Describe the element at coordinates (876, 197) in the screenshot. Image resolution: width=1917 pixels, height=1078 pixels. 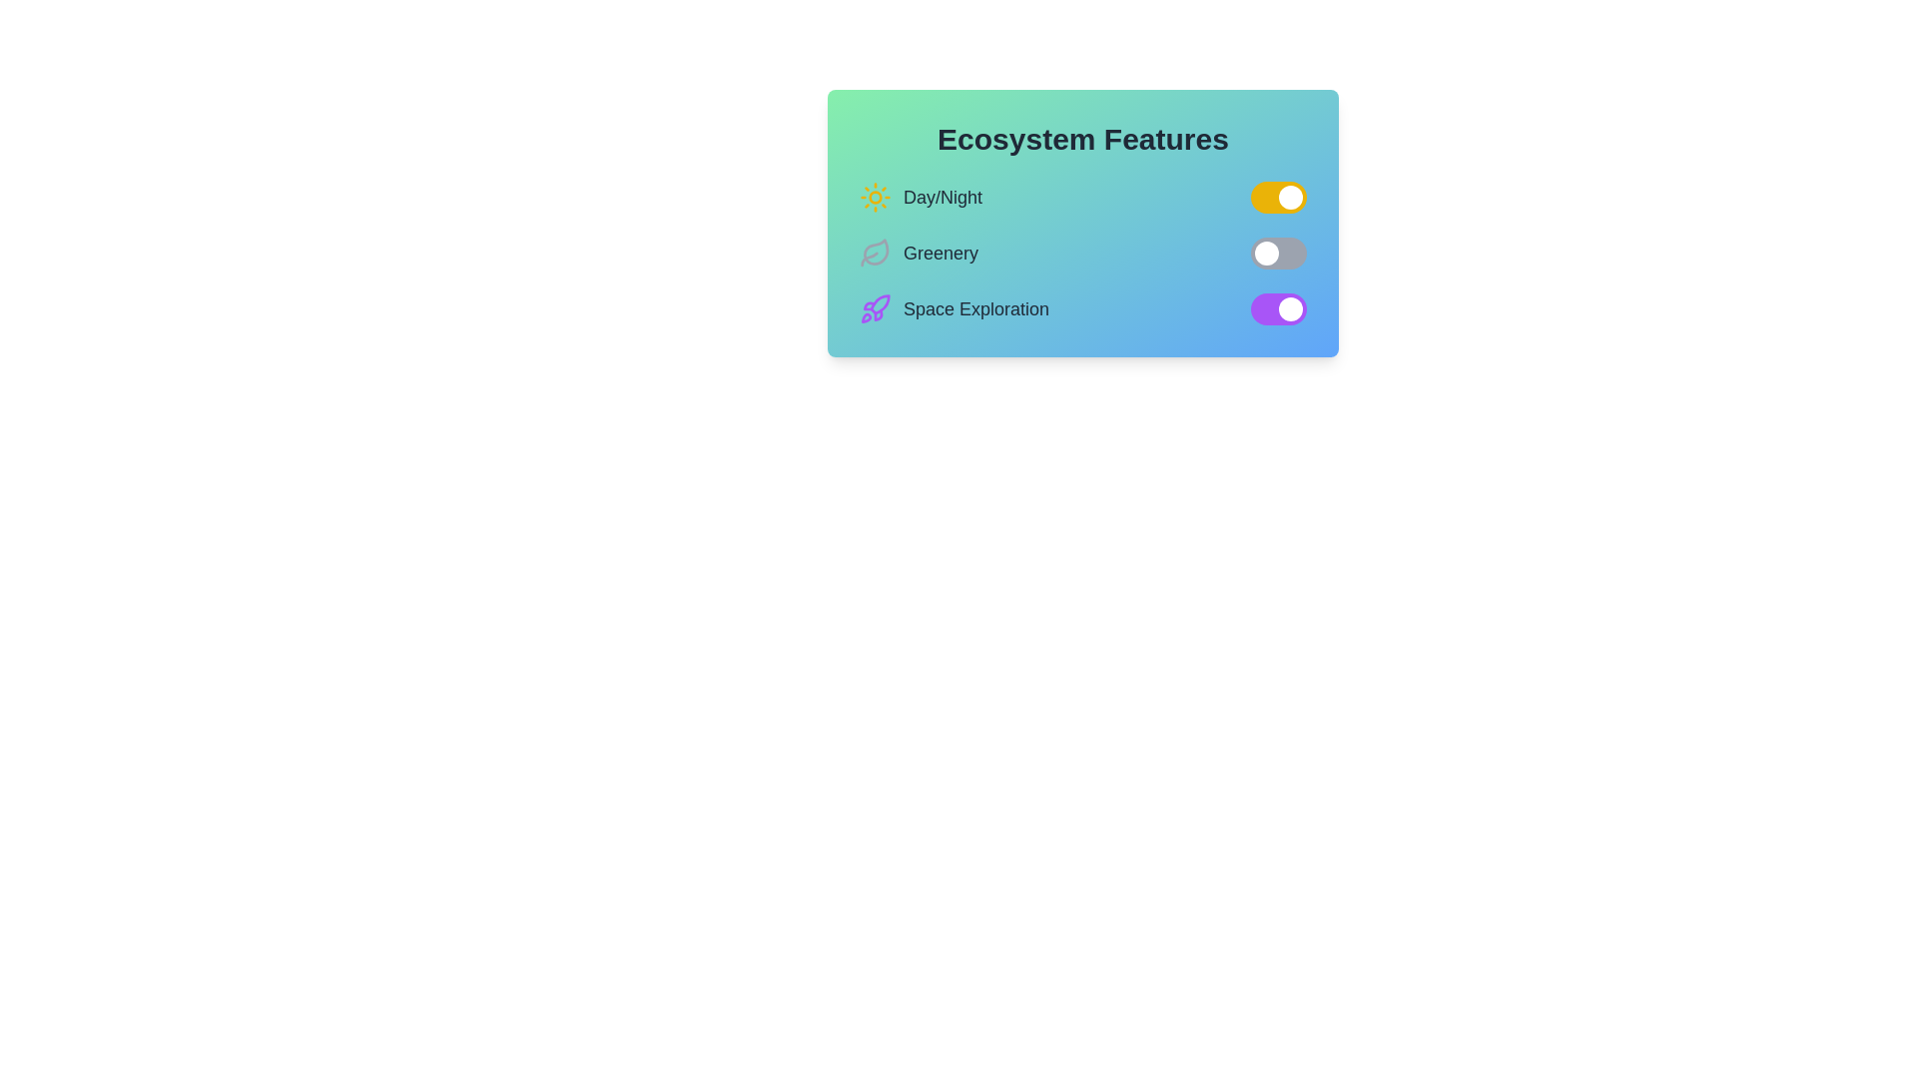
I see `the visual representation of the Day/Night mode icon, which is positioned to the left of the 'Day/Night' text under the 'Ecosystem Features' section` at that location.